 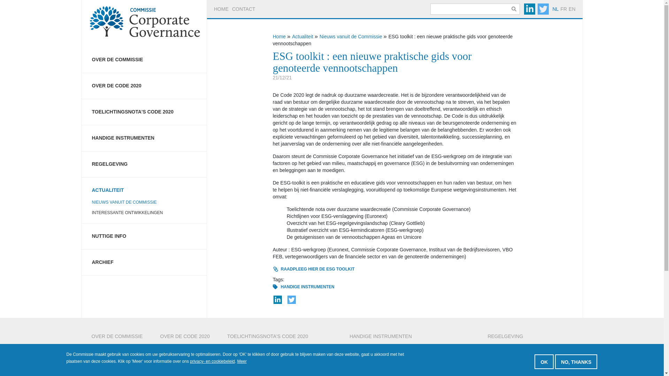 I want to click on 'NL', so click(x=552, y=9).